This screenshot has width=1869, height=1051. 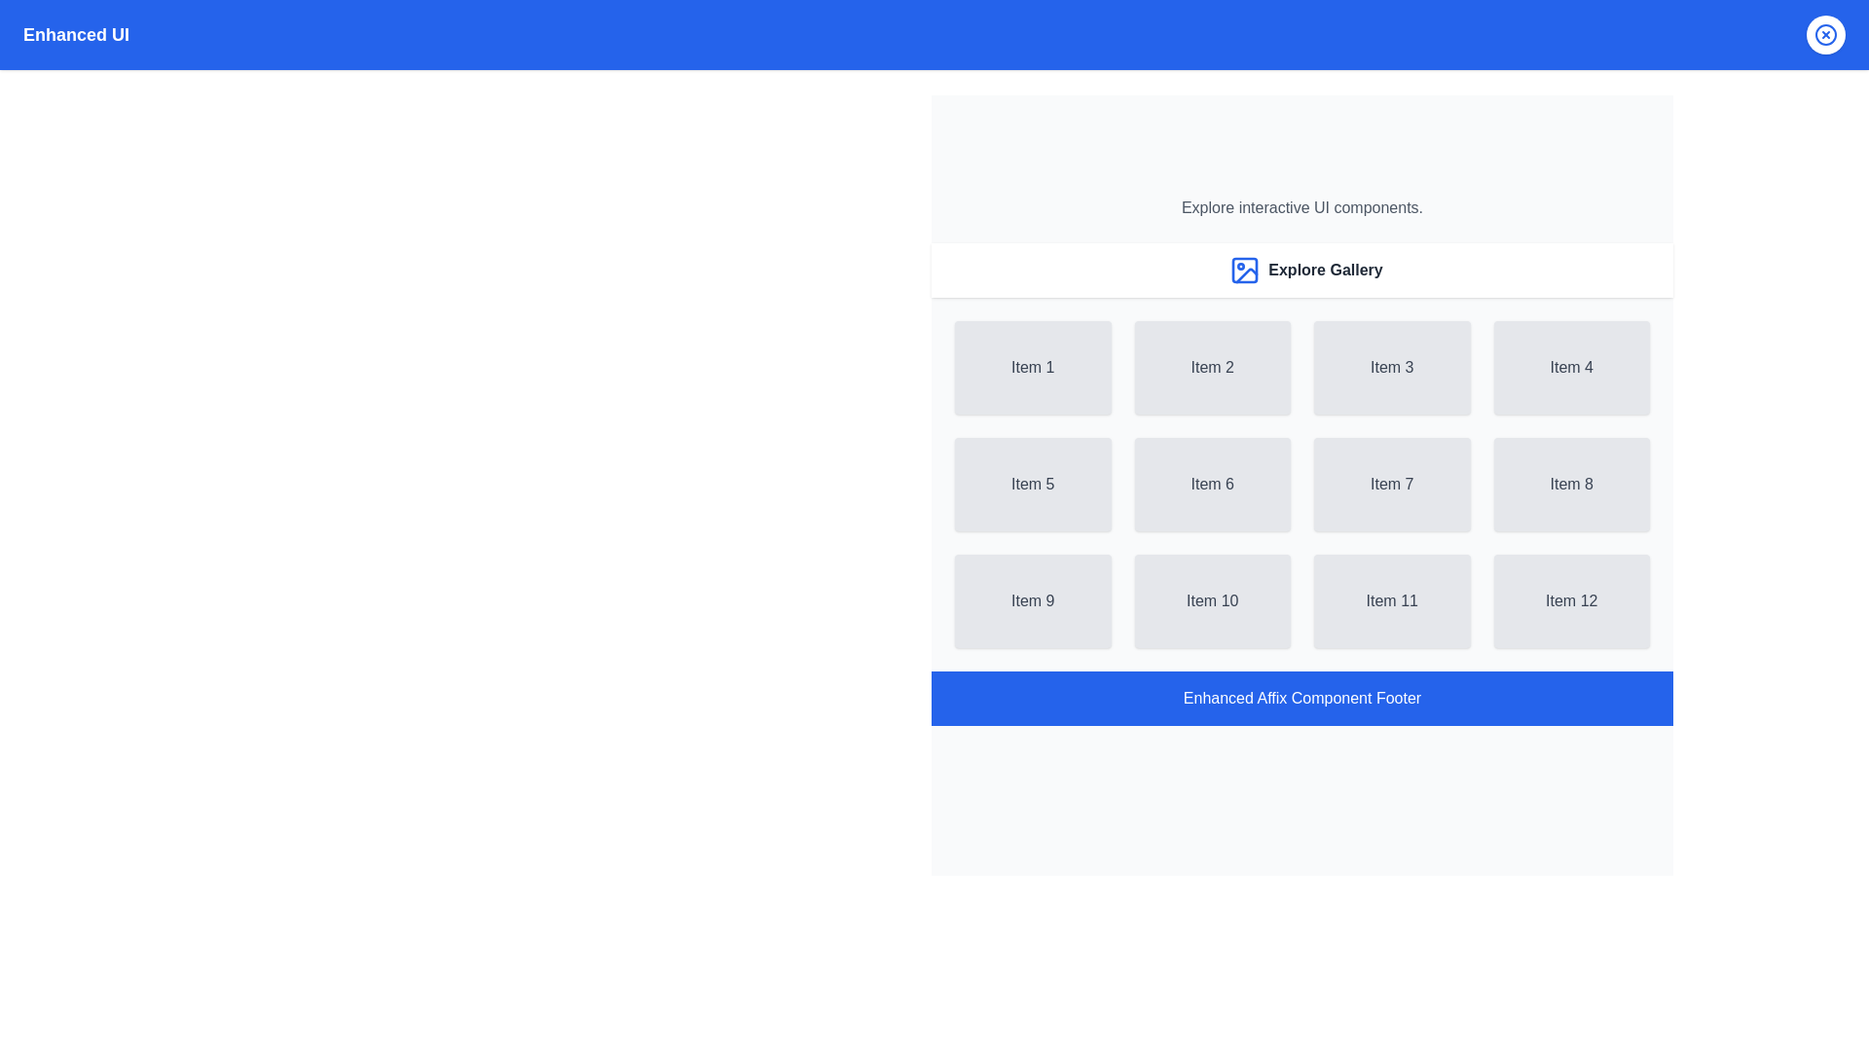 What do you see at coordinates (1302, 207) in the screenshot?
I see `the centered headline text that reads 'Explore interactive UI components.' which is positioned above the 'Explore Gallery' section` at bounding box center [1302, 207].